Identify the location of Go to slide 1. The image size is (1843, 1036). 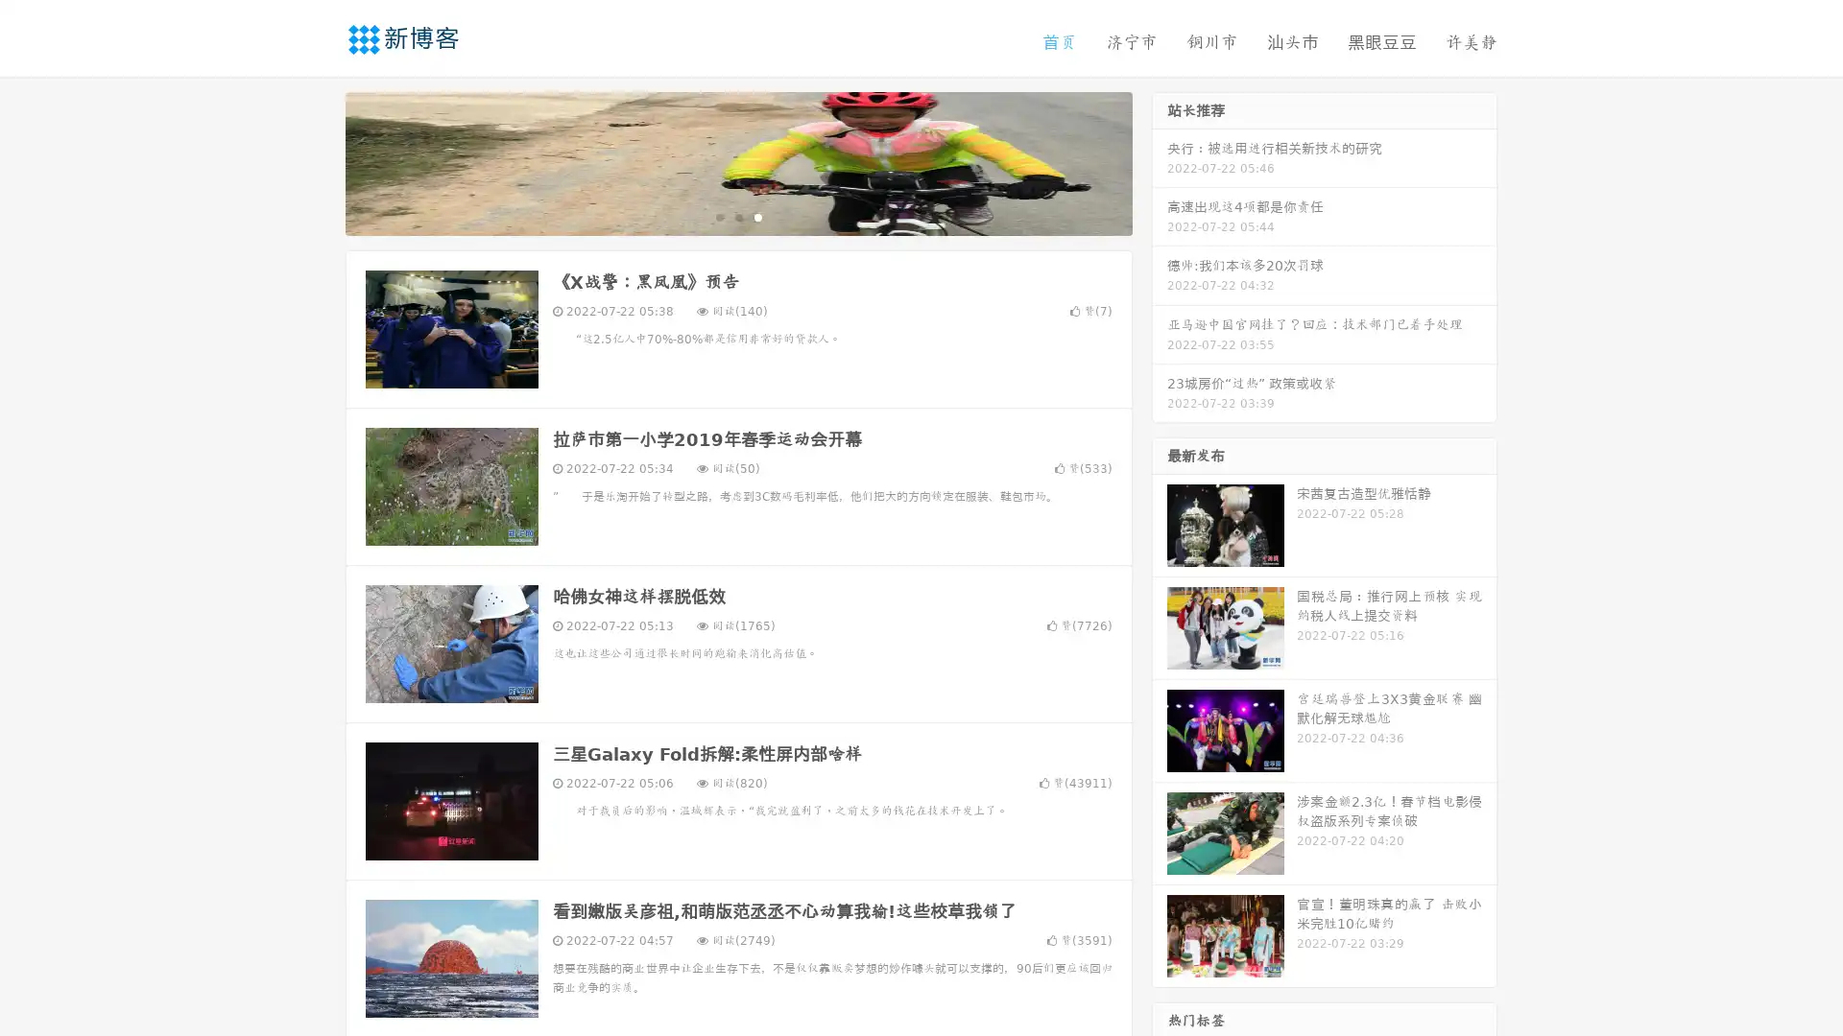
(718, 216).